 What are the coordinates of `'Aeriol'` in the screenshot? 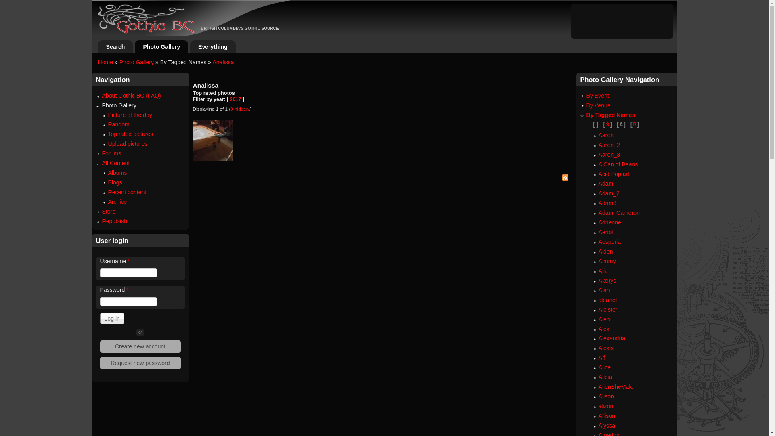 It's located at (605, 232).